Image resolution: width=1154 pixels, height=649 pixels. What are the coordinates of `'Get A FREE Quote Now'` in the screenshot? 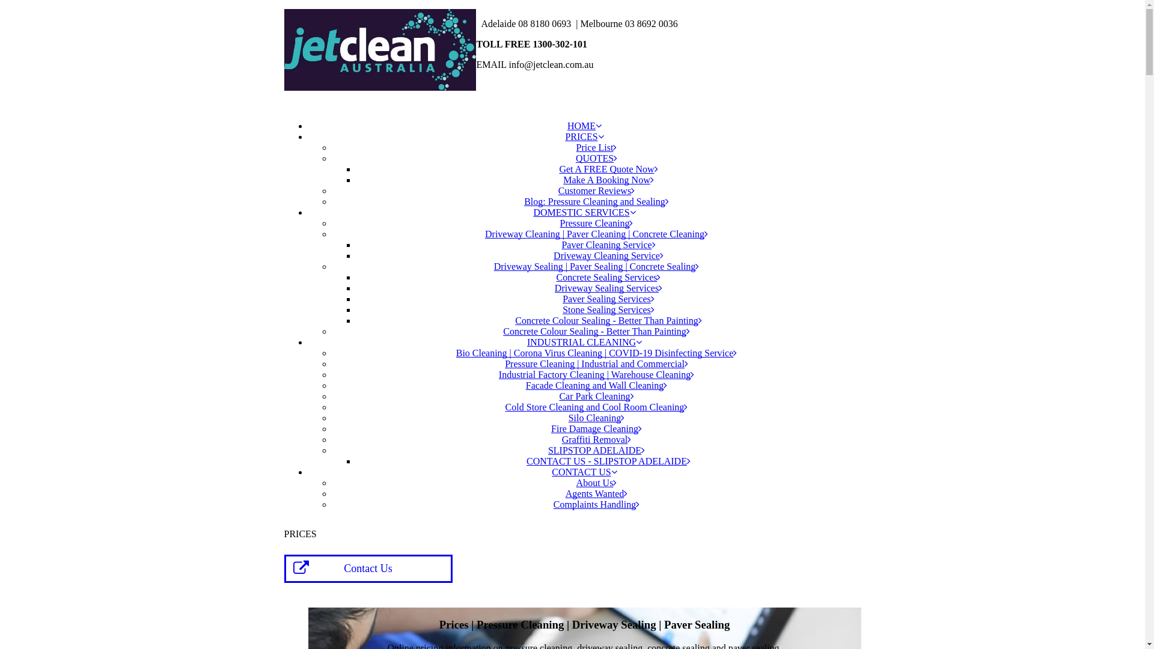 It's located at (608, 169).